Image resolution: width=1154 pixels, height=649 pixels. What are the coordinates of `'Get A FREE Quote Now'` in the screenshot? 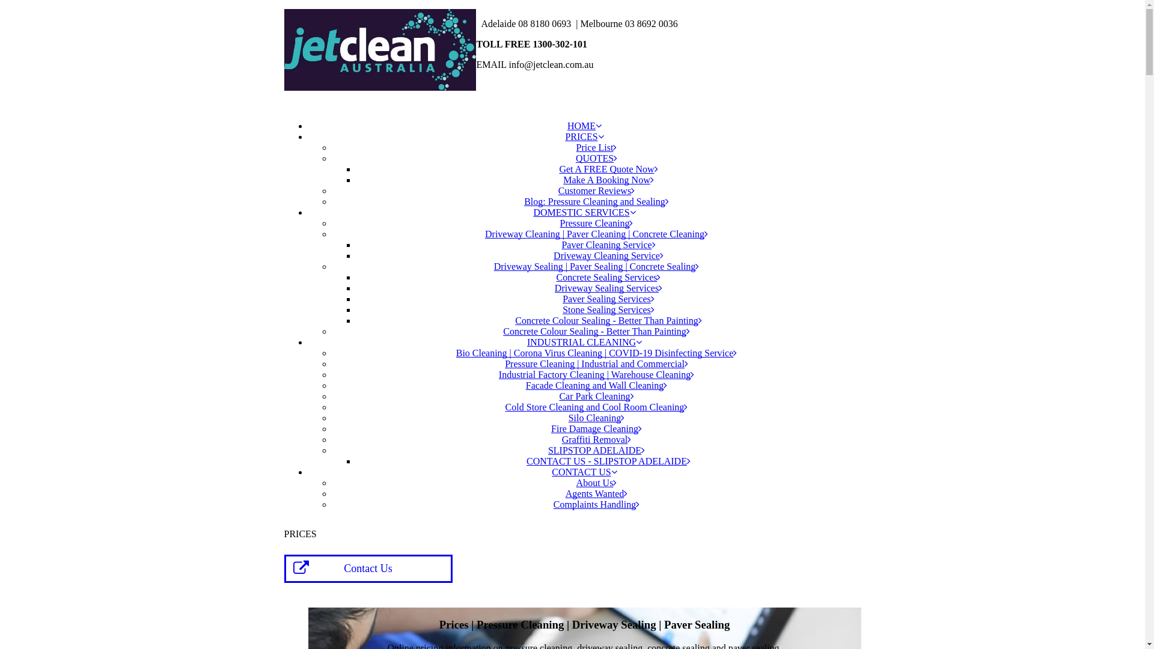 It's located at (608, 169).